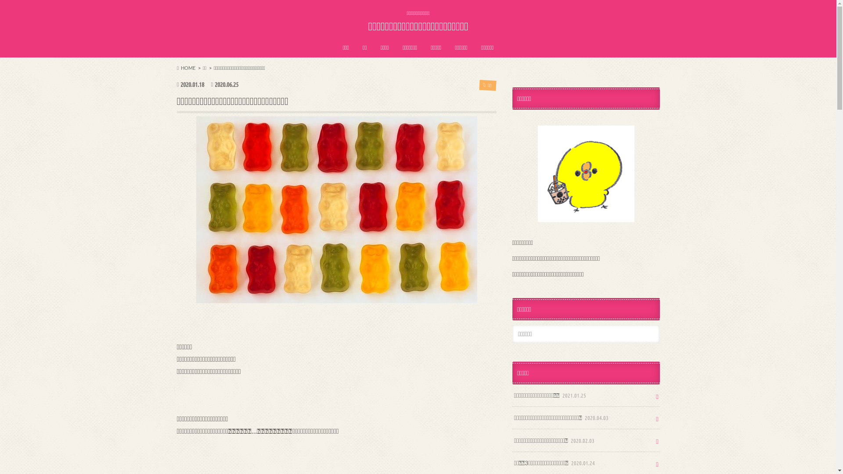  What do you see at coordinates (185, 67) in the screenshot?
I see `'HOME'` at bounding box center [185, 67].